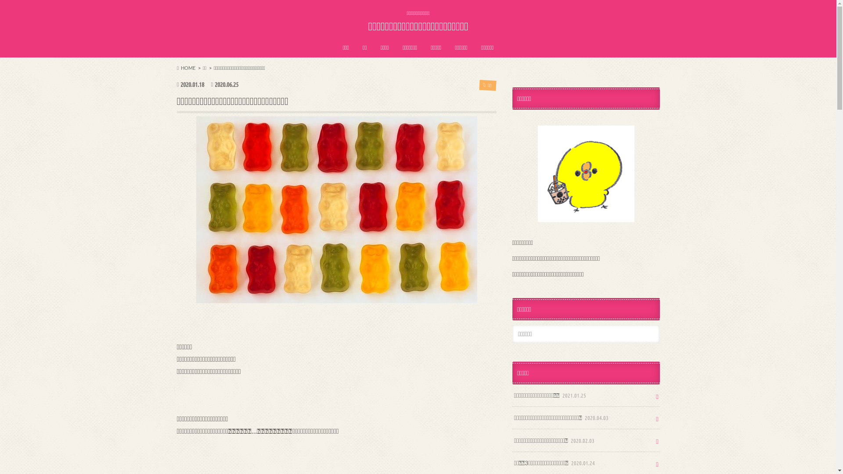  What do you see at coordinates (185, 67) in the screenshot?
I see `'HOME'` at bounding box center [185, 67].